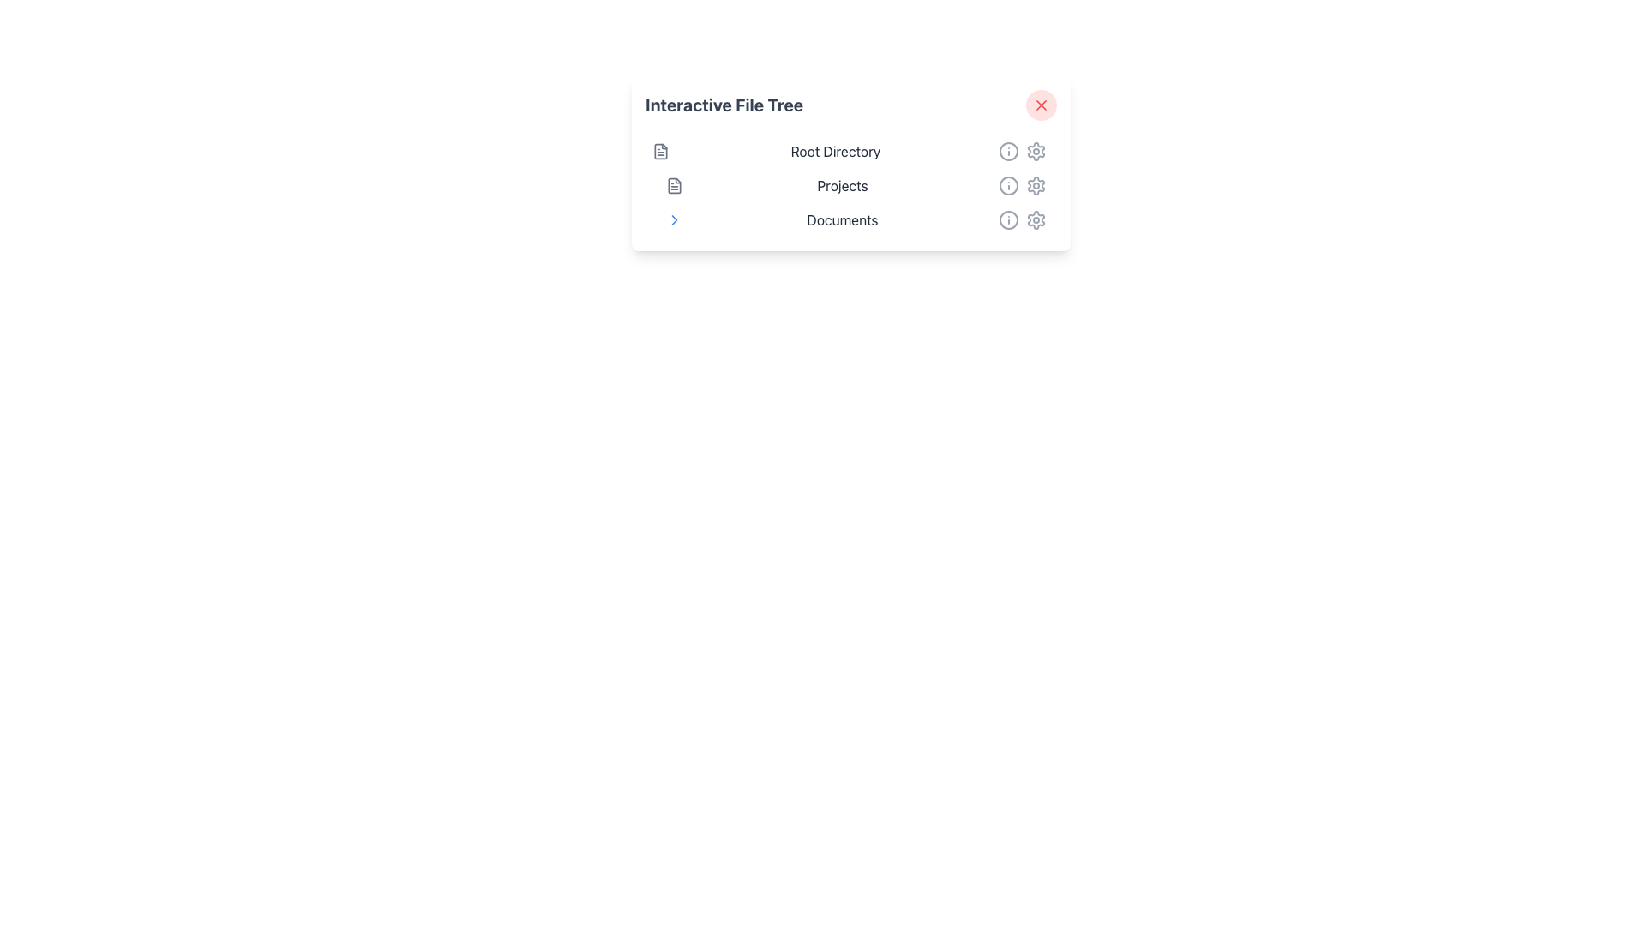 The width and height of the screenshot is (1646, 926). I want to click on the gear-shaped icon button in the action area of the 'Root Directory' list item, which is metallic gray and changes color on hover, so click(1036, 151).